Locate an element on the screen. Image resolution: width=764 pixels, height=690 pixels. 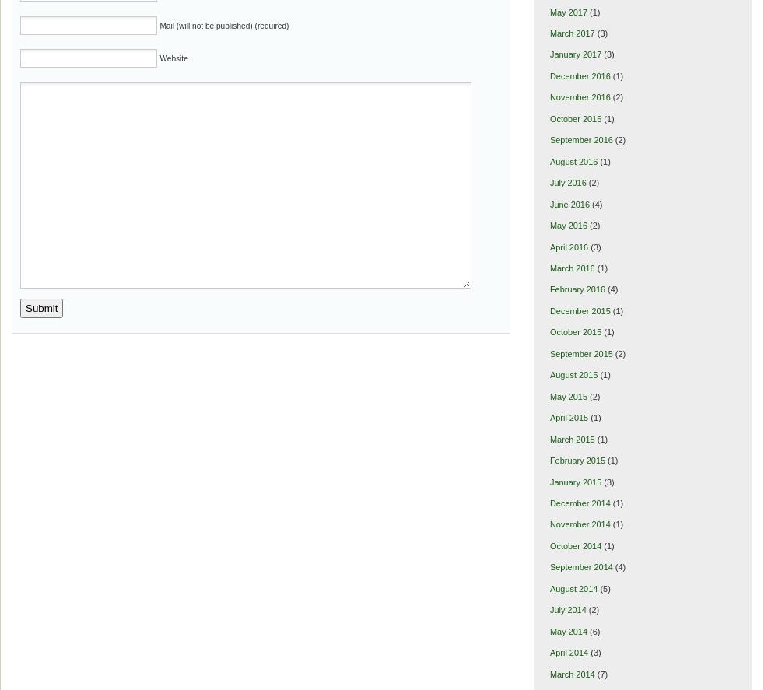
'August 2015' is located at coordinates (572, 373).